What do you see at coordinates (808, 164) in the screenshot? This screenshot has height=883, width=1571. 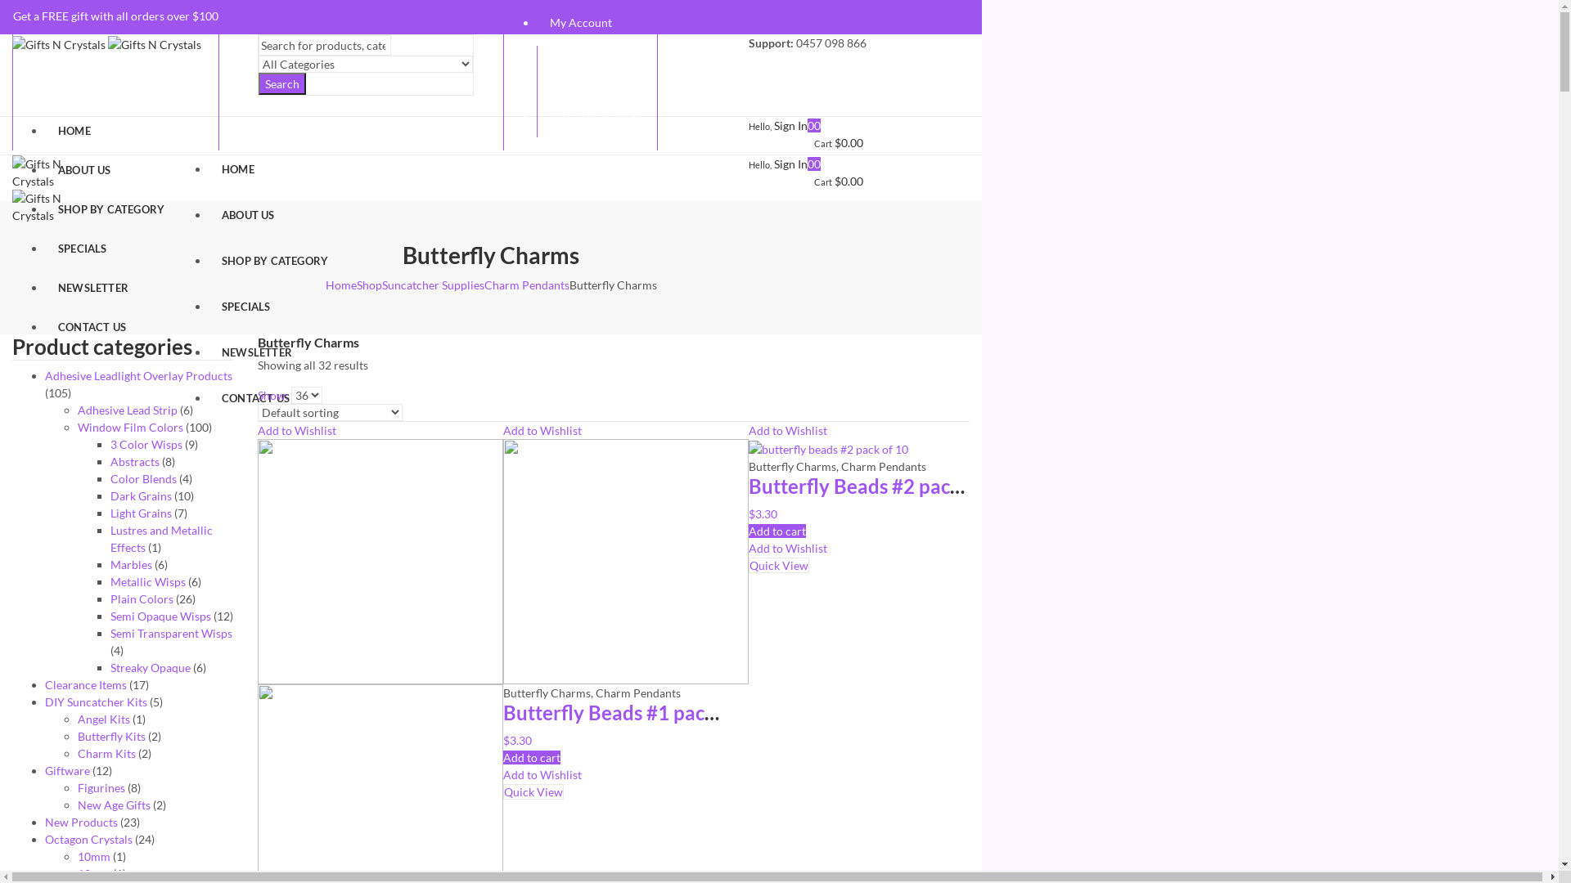 I see `'0'` at bounding box center [808, 164].